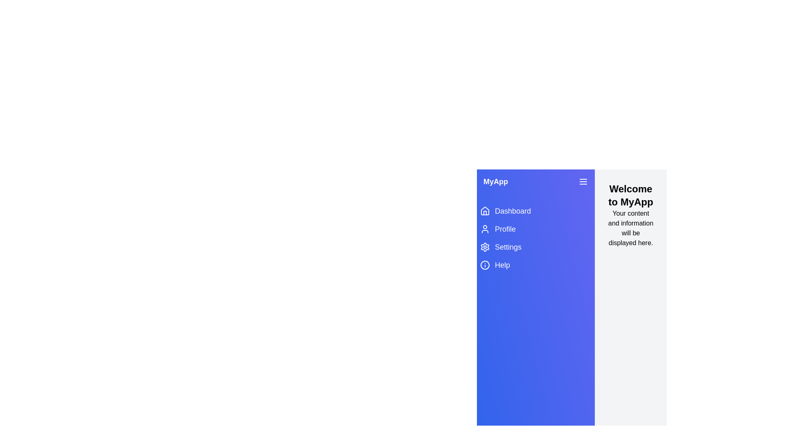 The width and height of the screenshot is (786, 442). What do you see at coordinates (536, 229) in the screenshot?
I see `the 'Profile' menu item to navigate to the 'Profile' page` at bounding box center [536, 229].